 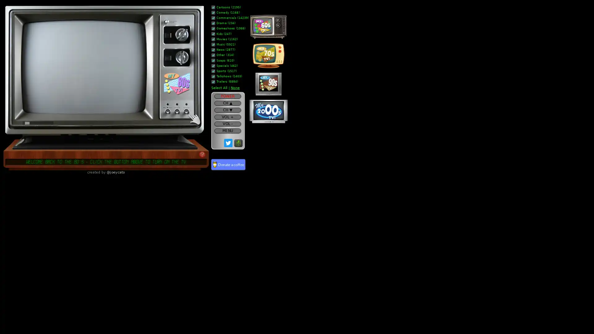 I want to click on CH, so click(x=227, y=109).